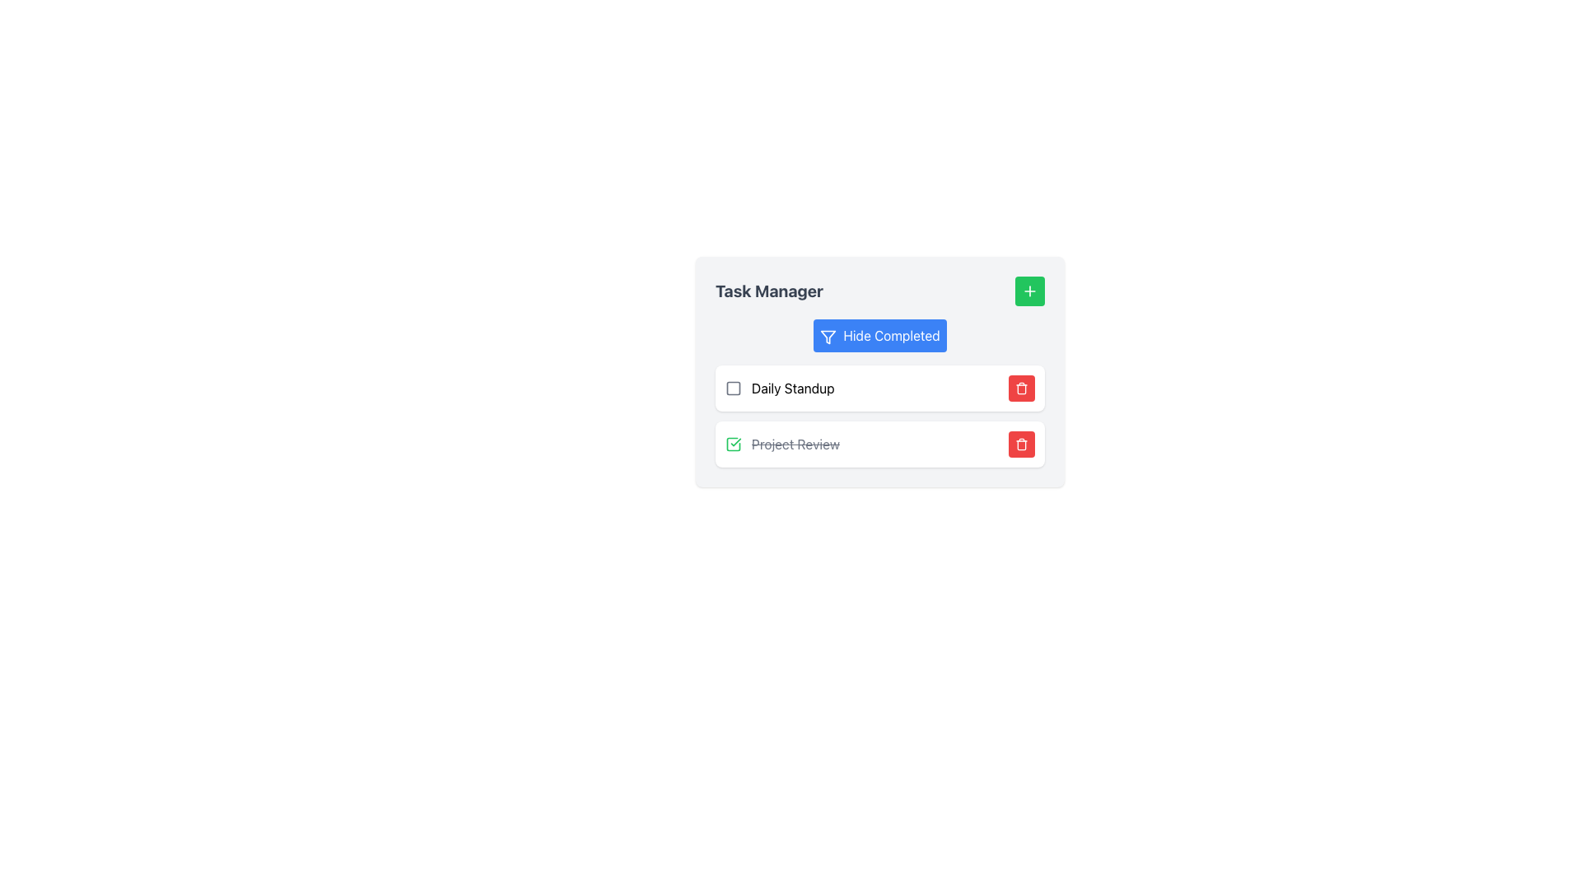 The width and height of the screenshot is (1581, 889). What do you see at coordinates (781, 444) in the screenshot?
I see `the 'Project Review' label which has a line-through effect and is next to a green checkmark icon, located in the Task Manager section beneath the Daily Standup item` at bounding box center [781, 444].